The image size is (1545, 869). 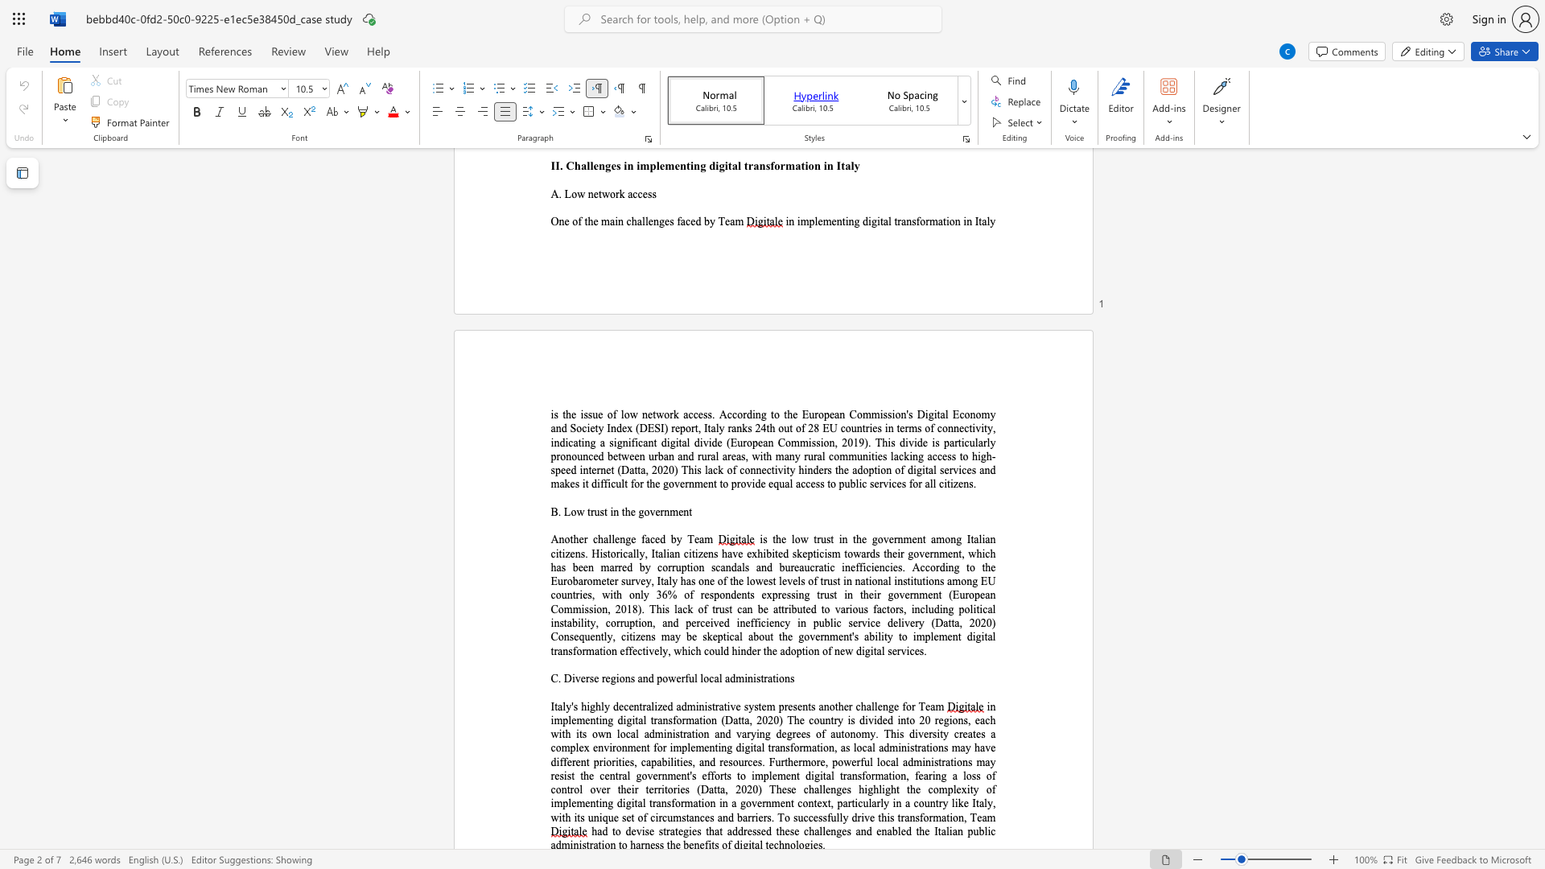 I want to click on the 1th character "h" in the text, so click(x=627, y=512).